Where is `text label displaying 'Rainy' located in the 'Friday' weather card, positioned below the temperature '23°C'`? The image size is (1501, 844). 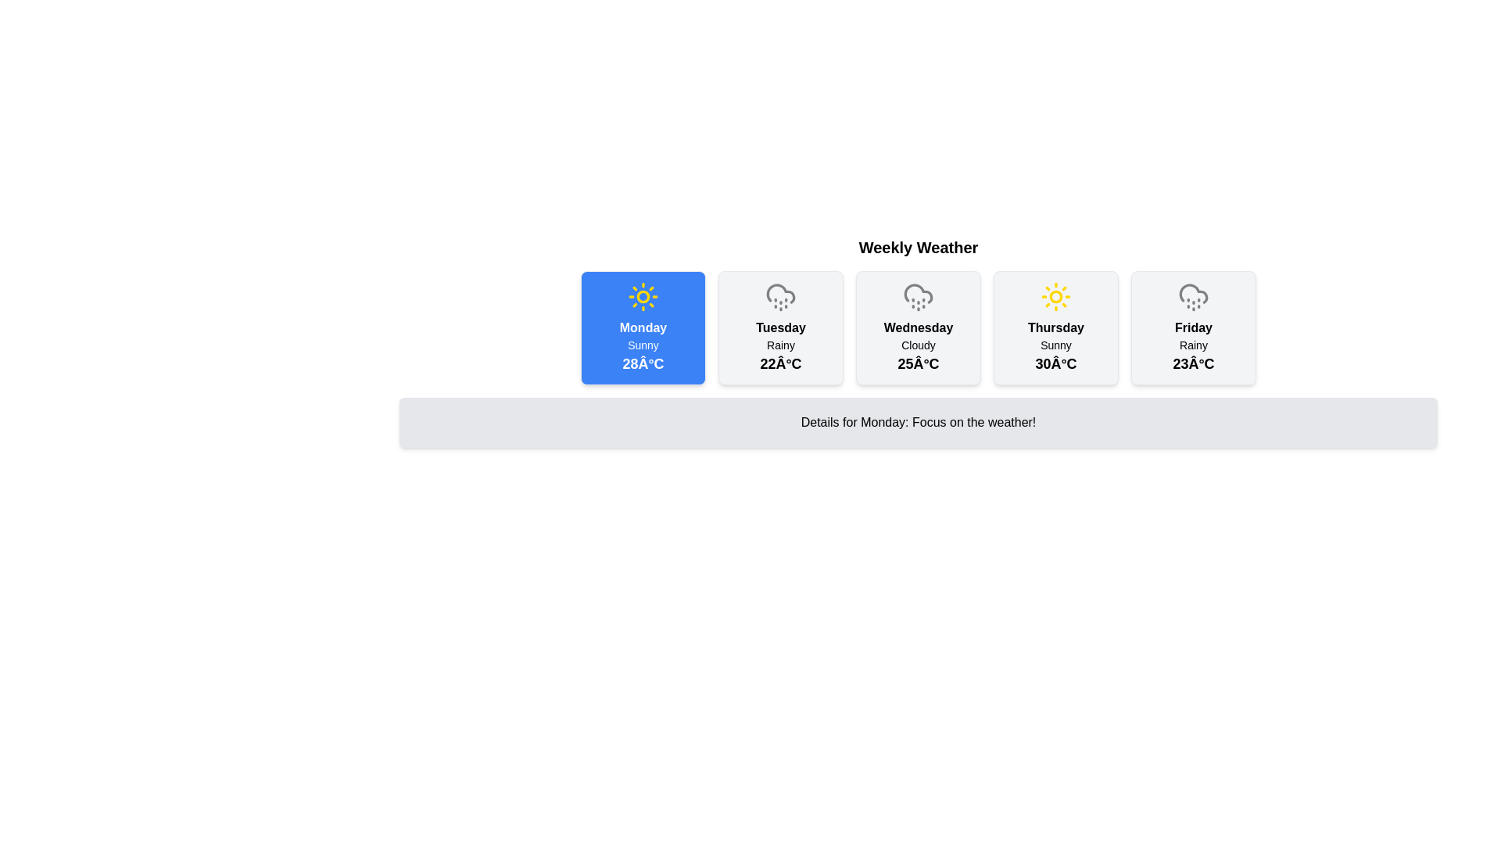
text label displaying 'Rainy' located in the 'Friday' weather card, positioned below the temperature '23°C' is located at coordinates (1192, 345).